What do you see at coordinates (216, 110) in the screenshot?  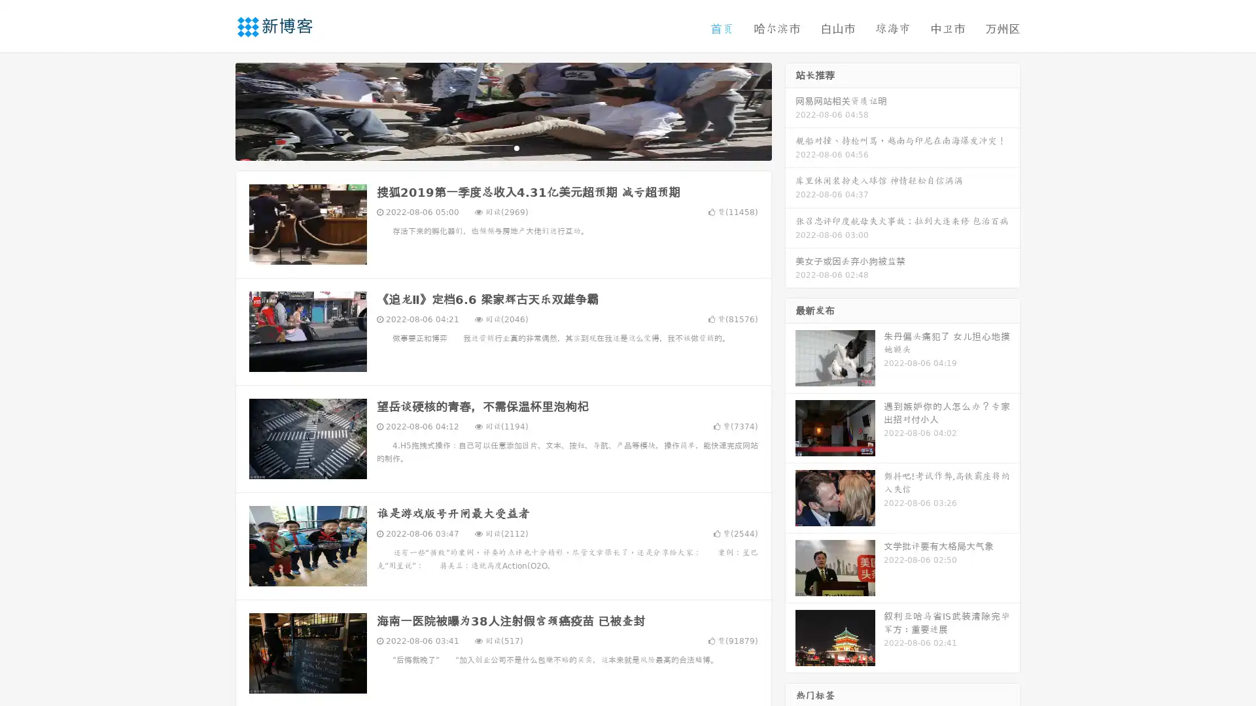 I see `Previous slide` at bounding box center [216, 110].